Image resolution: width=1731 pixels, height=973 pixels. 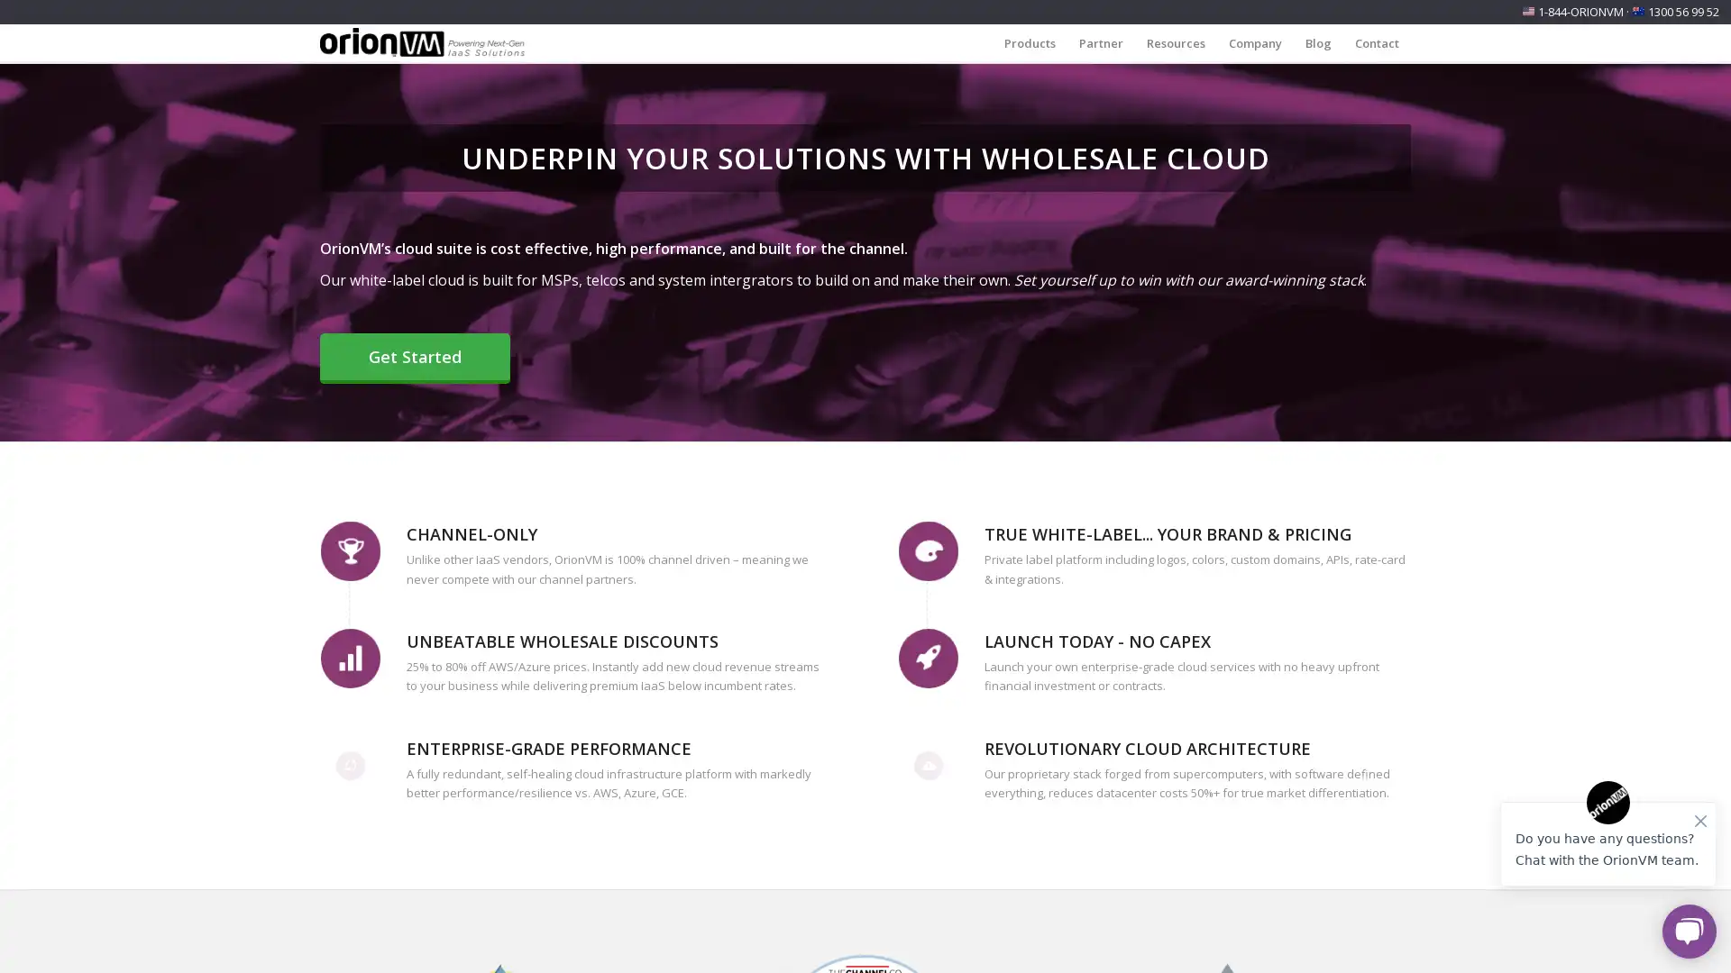 What do you see at coordinates (243, 937) in the screenshot?
I see `Contact Us` at bounding box center [243, 937].